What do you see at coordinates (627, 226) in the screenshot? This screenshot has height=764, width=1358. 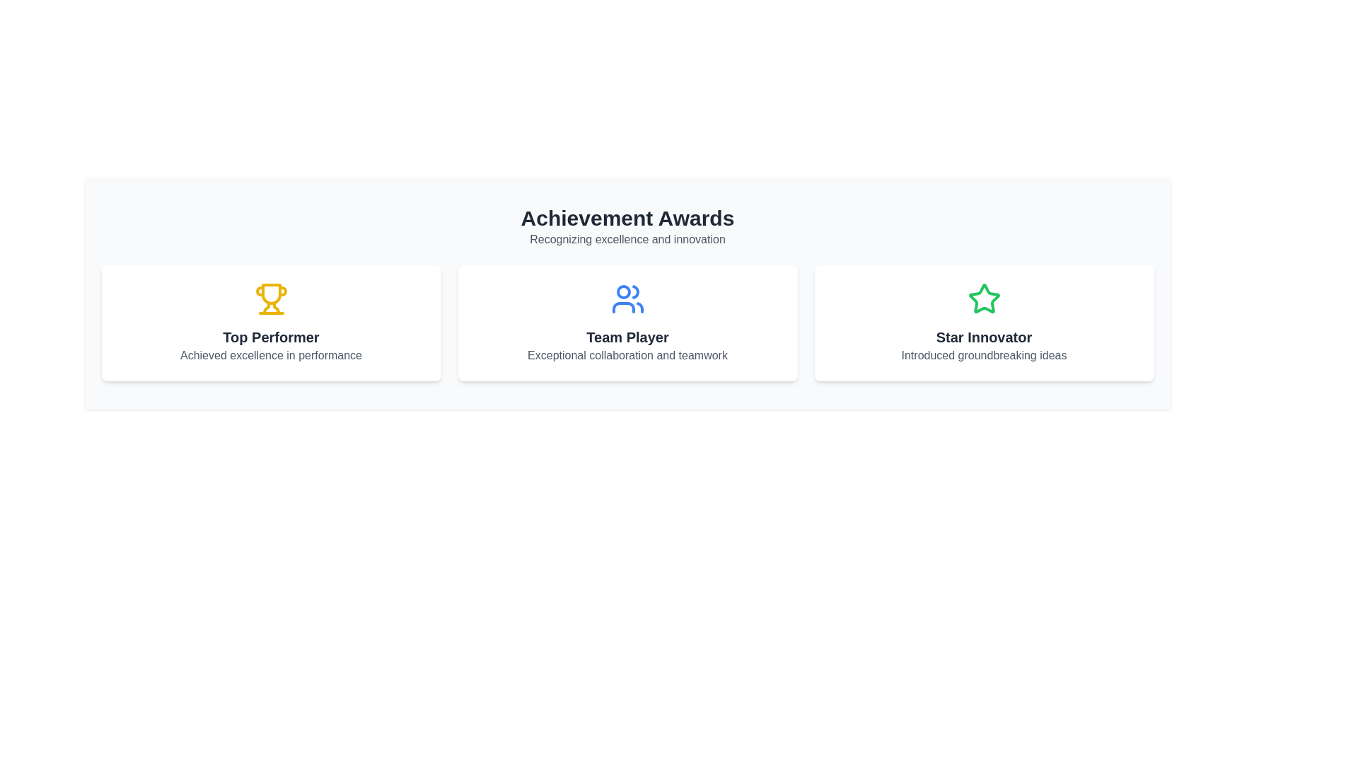 I see `the Text block which serves as the title and introduction for the section, located above the award cards labeled 'Top Performer', 'Team Player', and 'Star Innovator'` at bounding box center [627, 226].